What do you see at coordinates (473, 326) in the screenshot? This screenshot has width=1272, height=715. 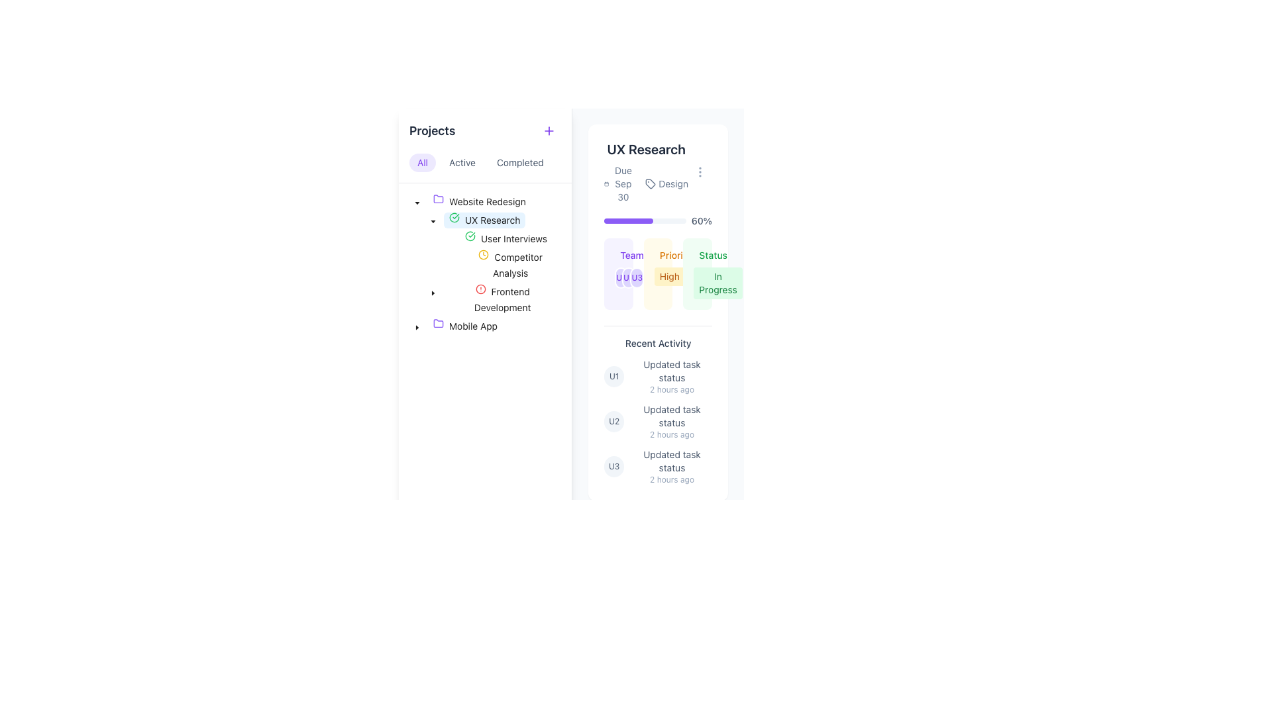 I see `the 'Mobile App' label in the project navigation list` at bounding box center [473, 326].